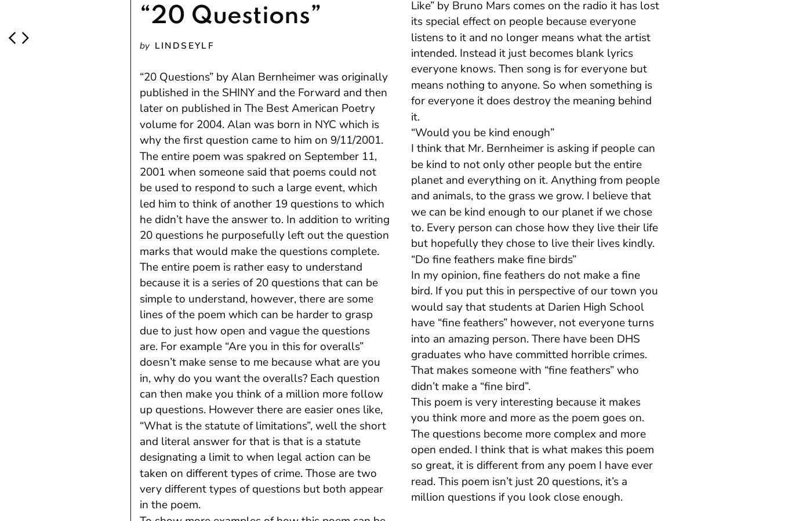  Describe the element at coordinates (535, 195) in the screenshot. I see `'I think that Mr. Bernheimer is asking if people can be kind to not only other people but the entire planet and everything on it. Anything from people and animals, to the grass we grow. I believe that we can be kind enough to our planet if we chose to. Every person can chose how they live their life but hopefully they chose to live their lives kindly.'` at that location.